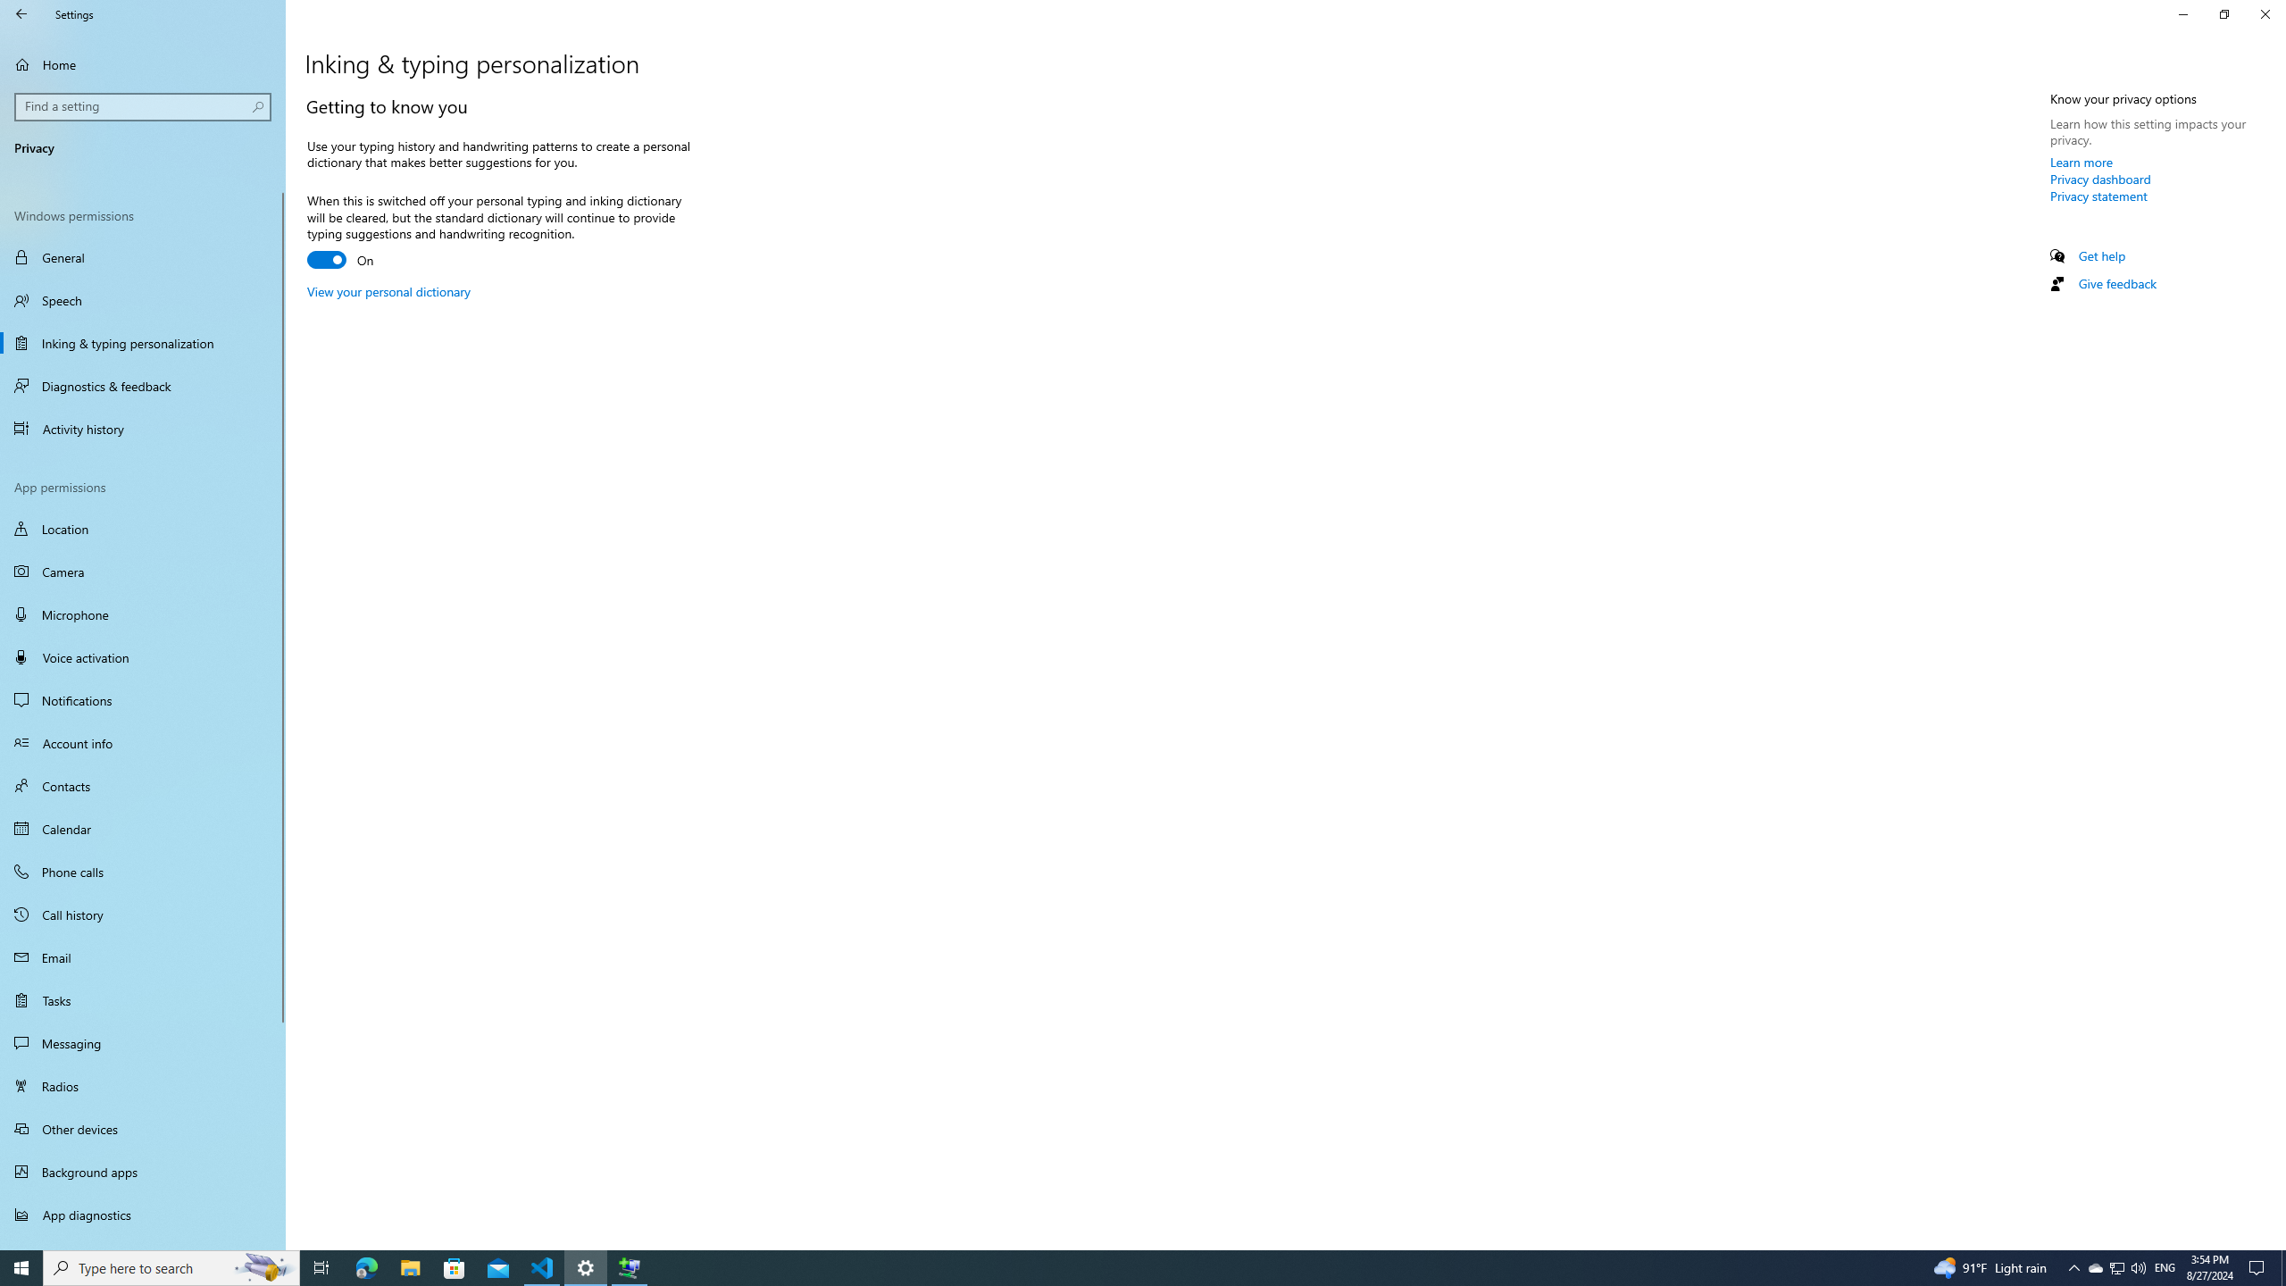  What do you see at coordinates (142, 300) in the screenshot?
I see `'Speech'` at bounding box center [142, 300].